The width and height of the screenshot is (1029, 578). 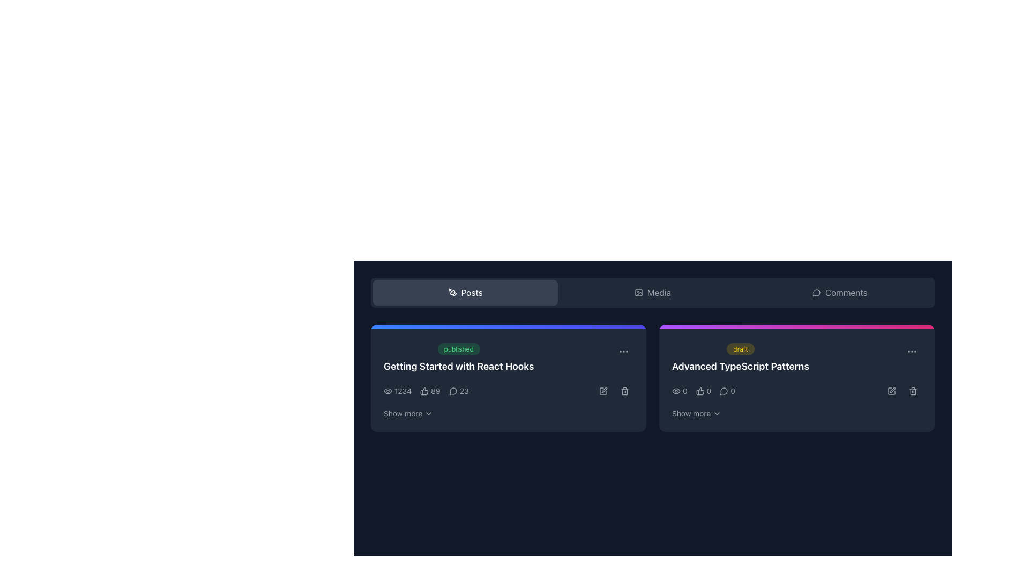 I want to click on the comments or messages icon, so click(x=816, y=293).